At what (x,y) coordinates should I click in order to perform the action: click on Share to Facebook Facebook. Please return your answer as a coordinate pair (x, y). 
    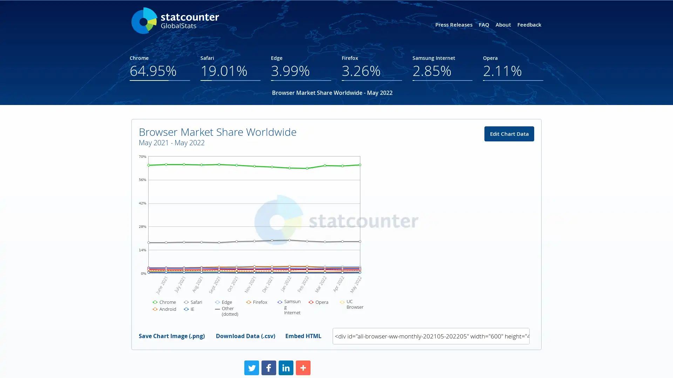
    Looking at the image, I should click on (300, 367).